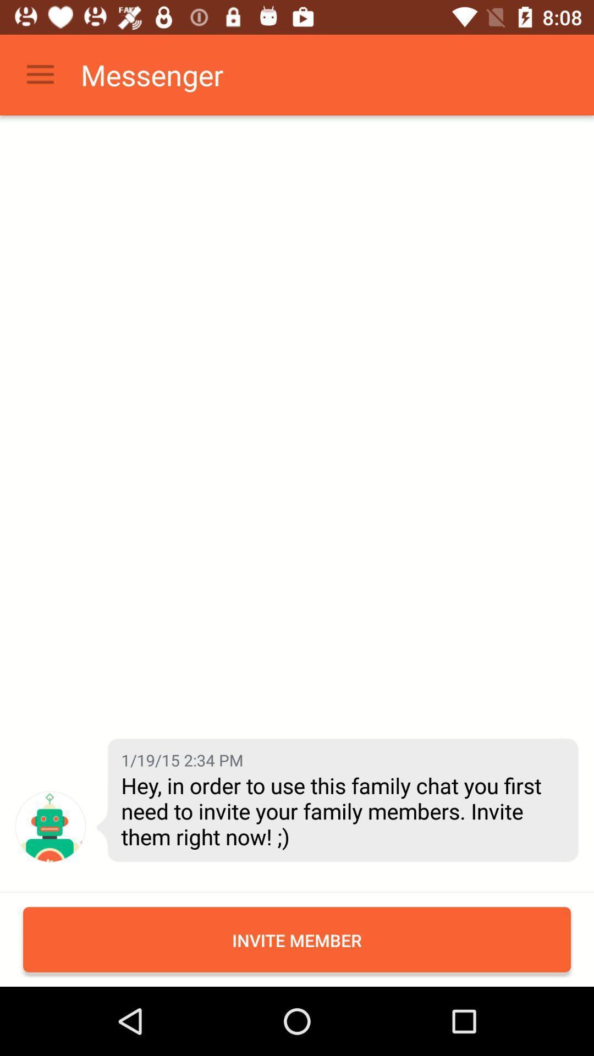 The image size is (594, 1056). What do you see at coordinates (50, 827) in the screenshot?
I see `item next to hey in order item` at bounding box center [50, 827].